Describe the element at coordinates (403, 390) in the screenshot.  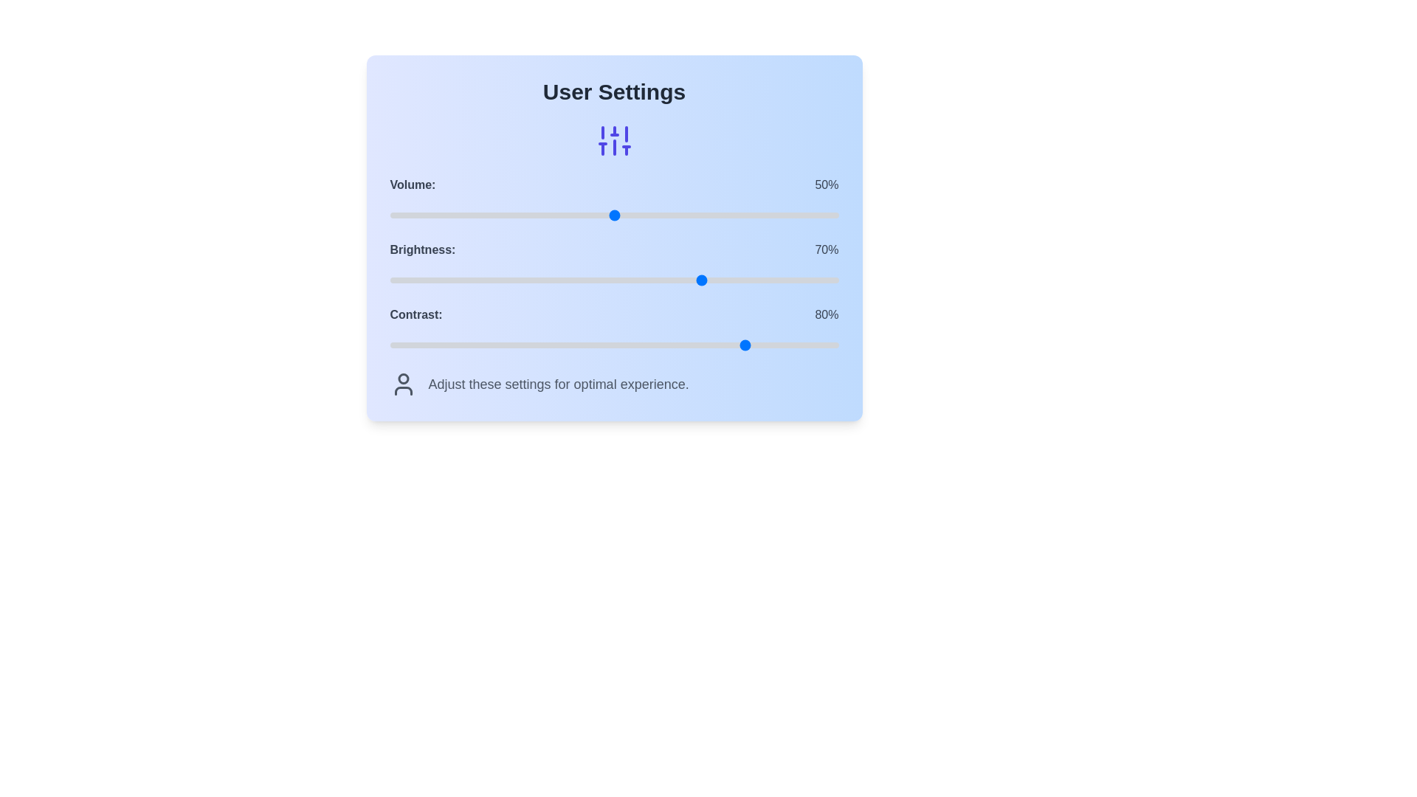
I see `the lower component of the user profile icon located at the bottom-left side of the card layout` at that location.